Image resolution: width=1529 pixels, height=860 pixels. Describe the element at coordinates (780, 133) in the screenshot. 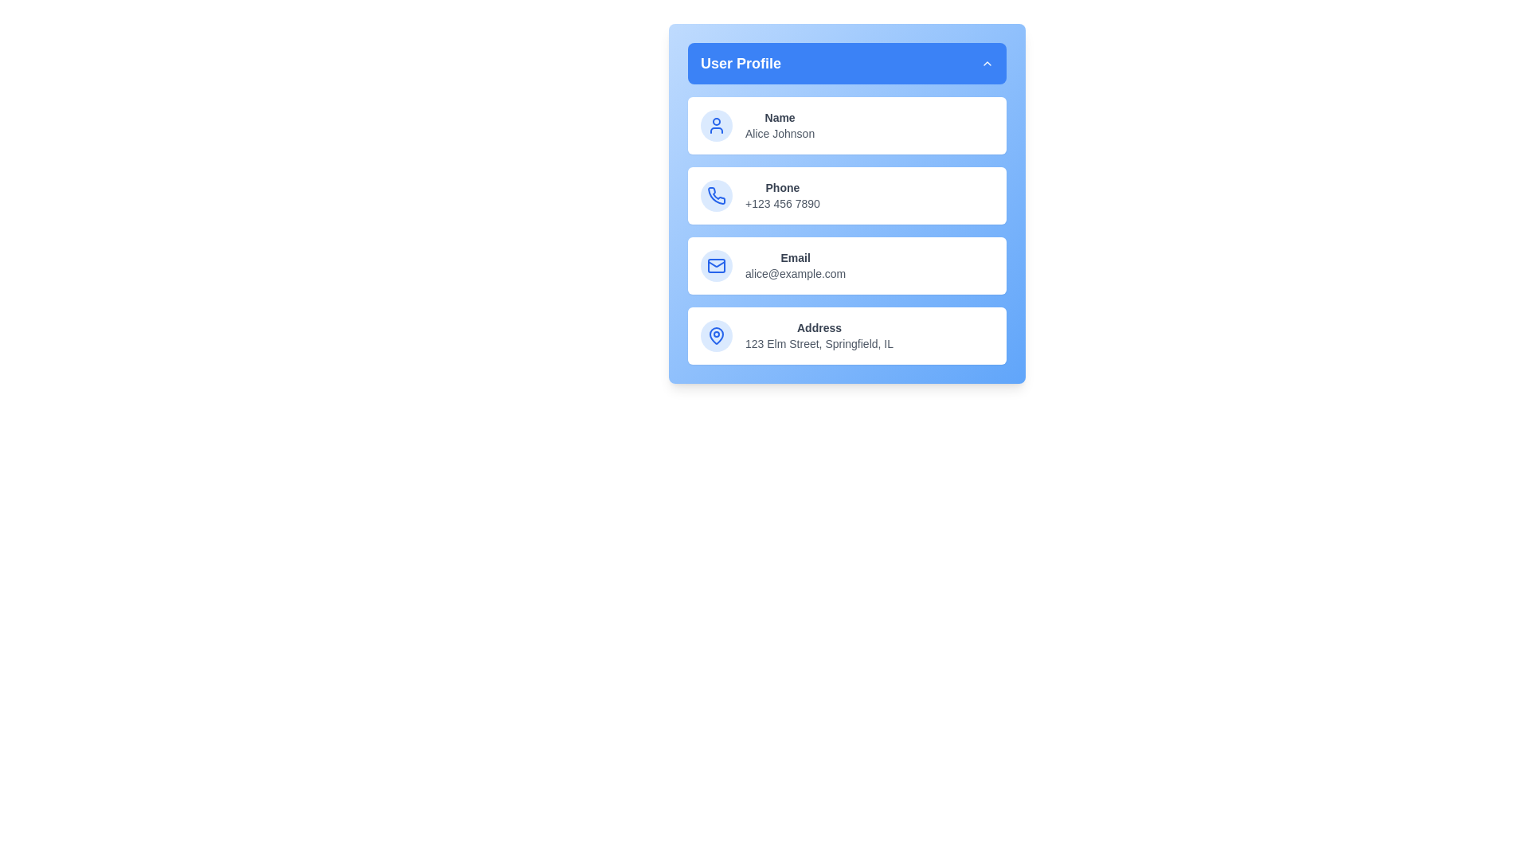

I see `the text displaying the user's name located beneath the 'Name' label in the first section of the profile card` at that location.